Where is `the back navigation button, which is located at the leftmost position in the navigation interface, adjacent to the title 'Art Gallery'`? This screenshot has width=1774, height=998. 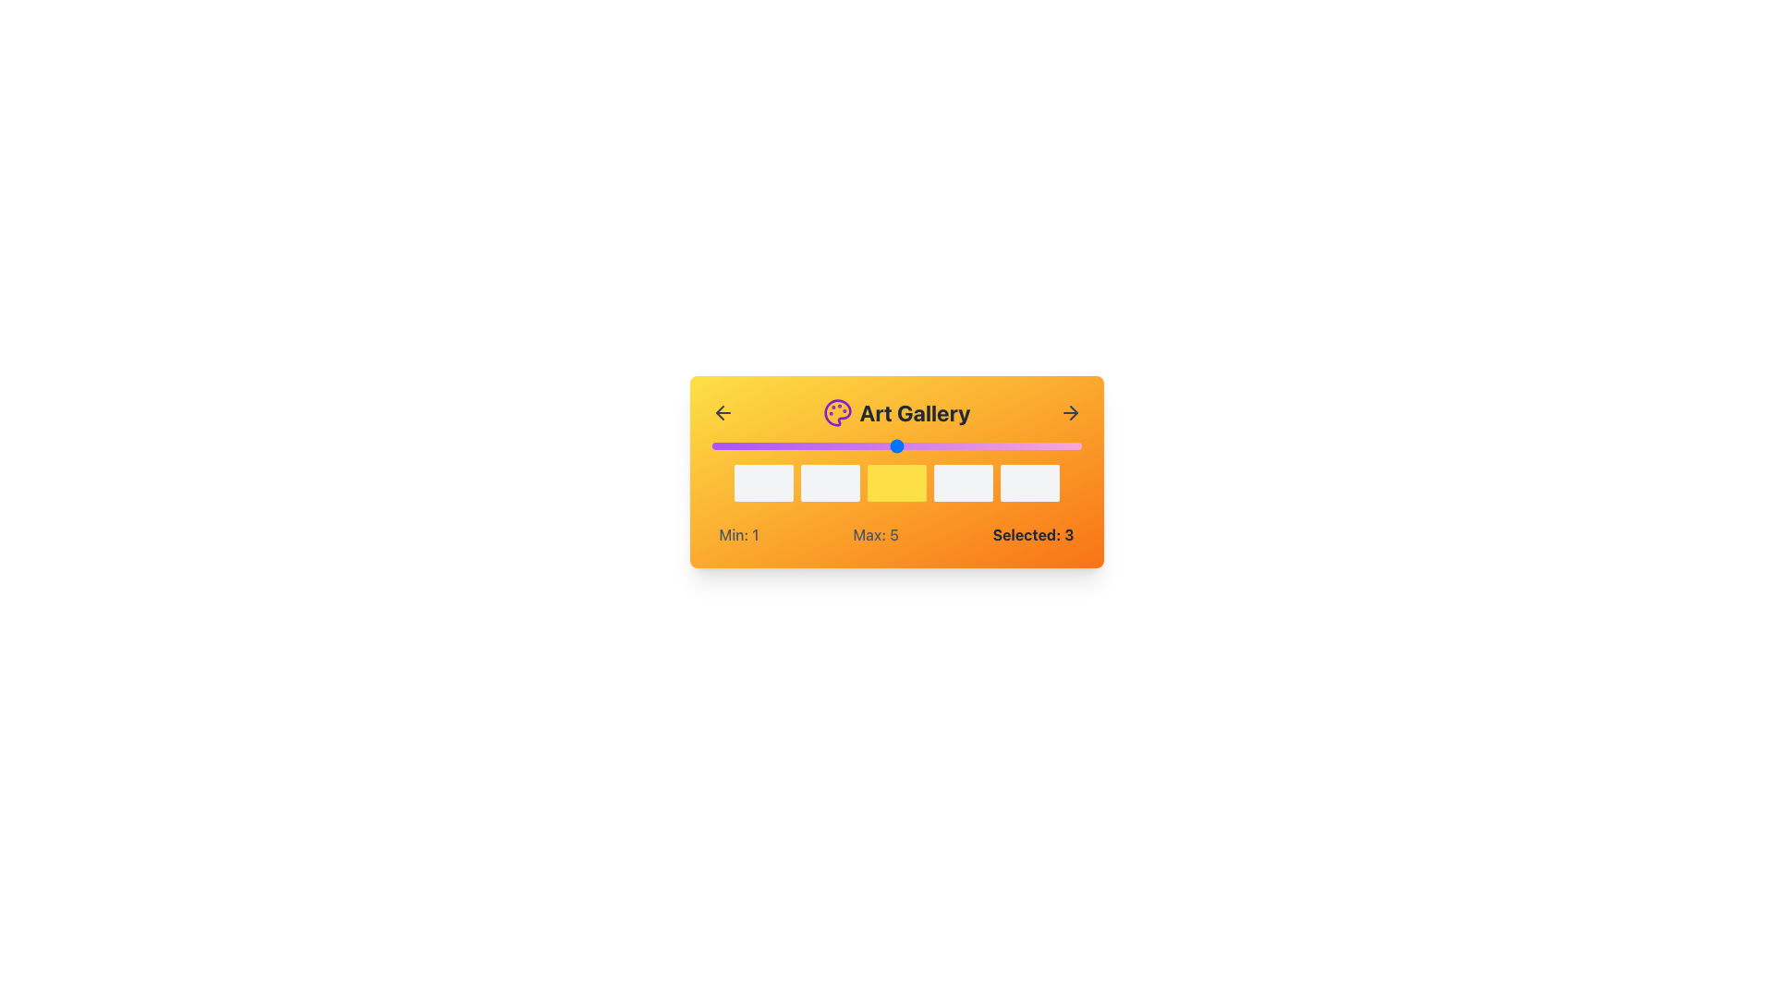 the back navigation button, which is located at the leftmost position in the navigation interface, adjacent to the title 'Art Gallery' is located at coordinates (722, 412).